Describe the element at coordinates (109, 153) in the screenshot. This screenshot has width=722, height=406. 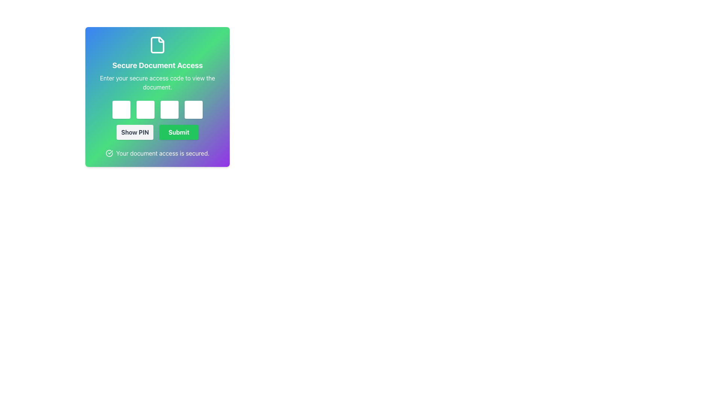
I see `the circular arc graphical component that is part of the checkmark icon located in the bottom-left corner of the interface` at that location.